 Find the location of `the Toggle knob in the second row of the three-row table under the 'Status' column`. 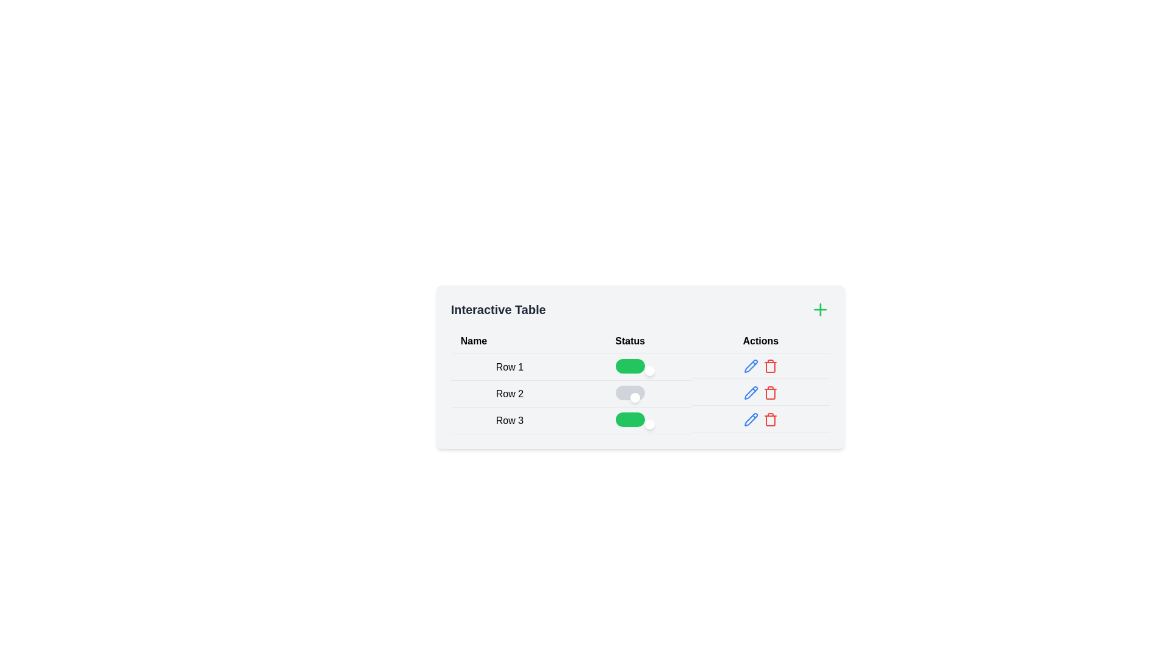

the Toggle knob in the second row of the three-row table under the 'Status' column is located at coordinates (634, 398).